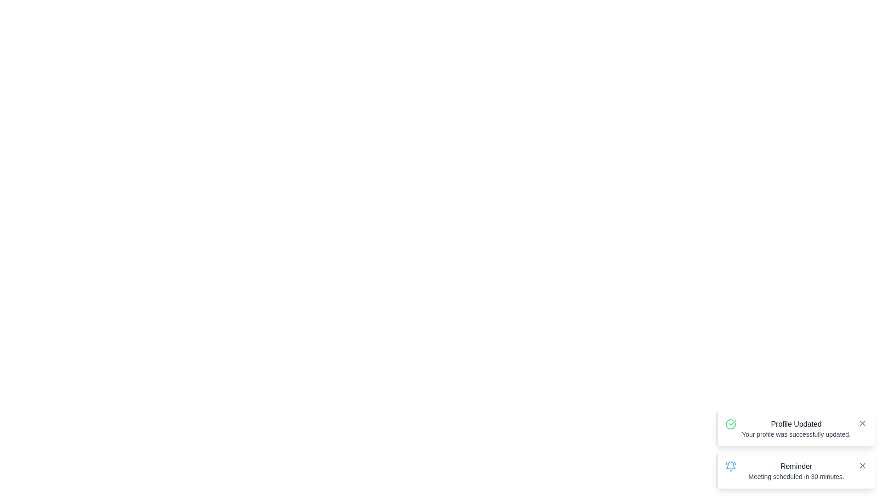 This screenshot has width=882, height=496. What do you see at coordinates (730, 466) in the screenshot?
I see `the reminder notification icon located at the top-left corner of the notification titled 'Reminder'` at bounding box center [730, 466].